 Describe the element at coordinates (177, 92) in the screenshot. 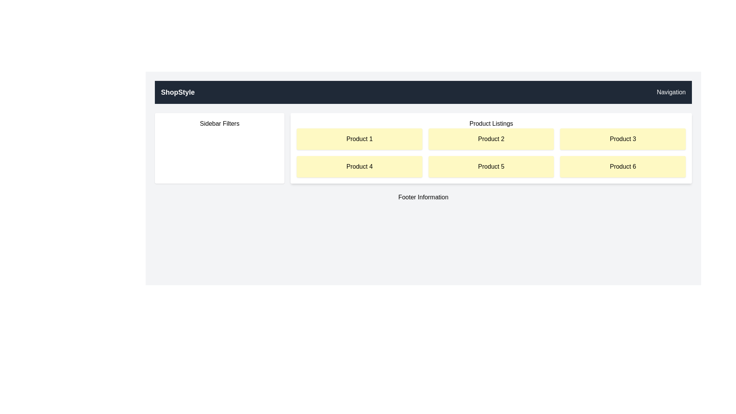

I see `bold text label displaying 'ShopStyle' located at the top-left corner of the dark horizontal navigation bar` at that location.